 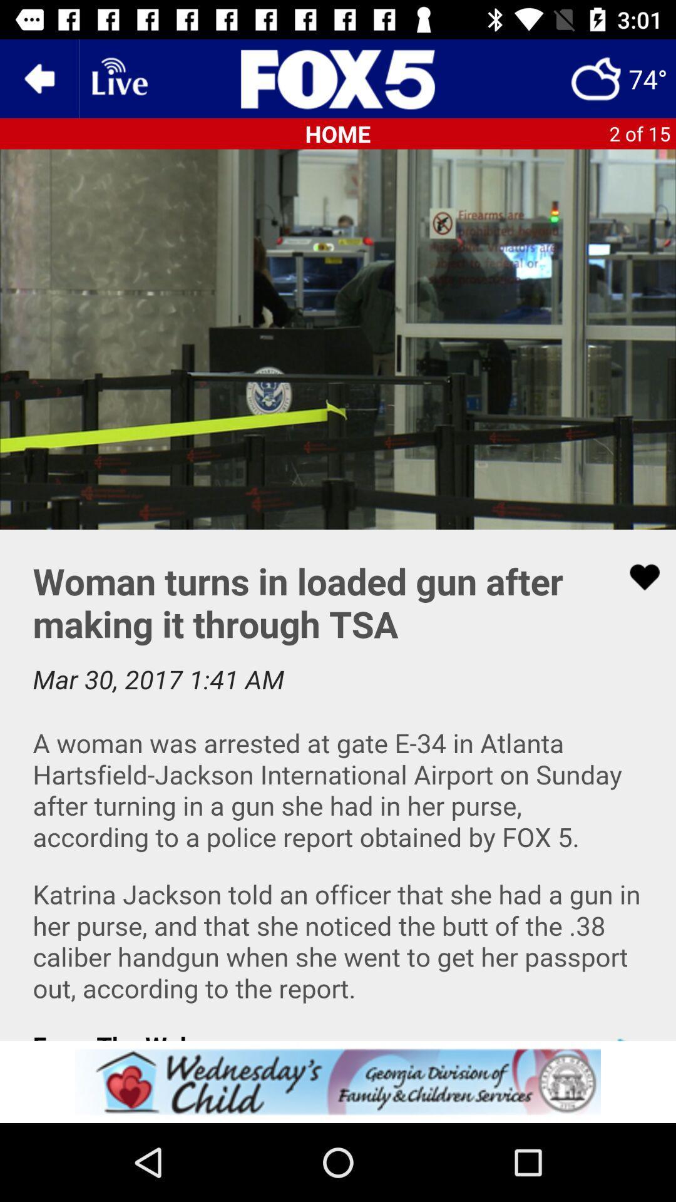 What do you see at coordinates (637, 577) in the screenshot?
I see `like the article` at bounding box center [637, 577].